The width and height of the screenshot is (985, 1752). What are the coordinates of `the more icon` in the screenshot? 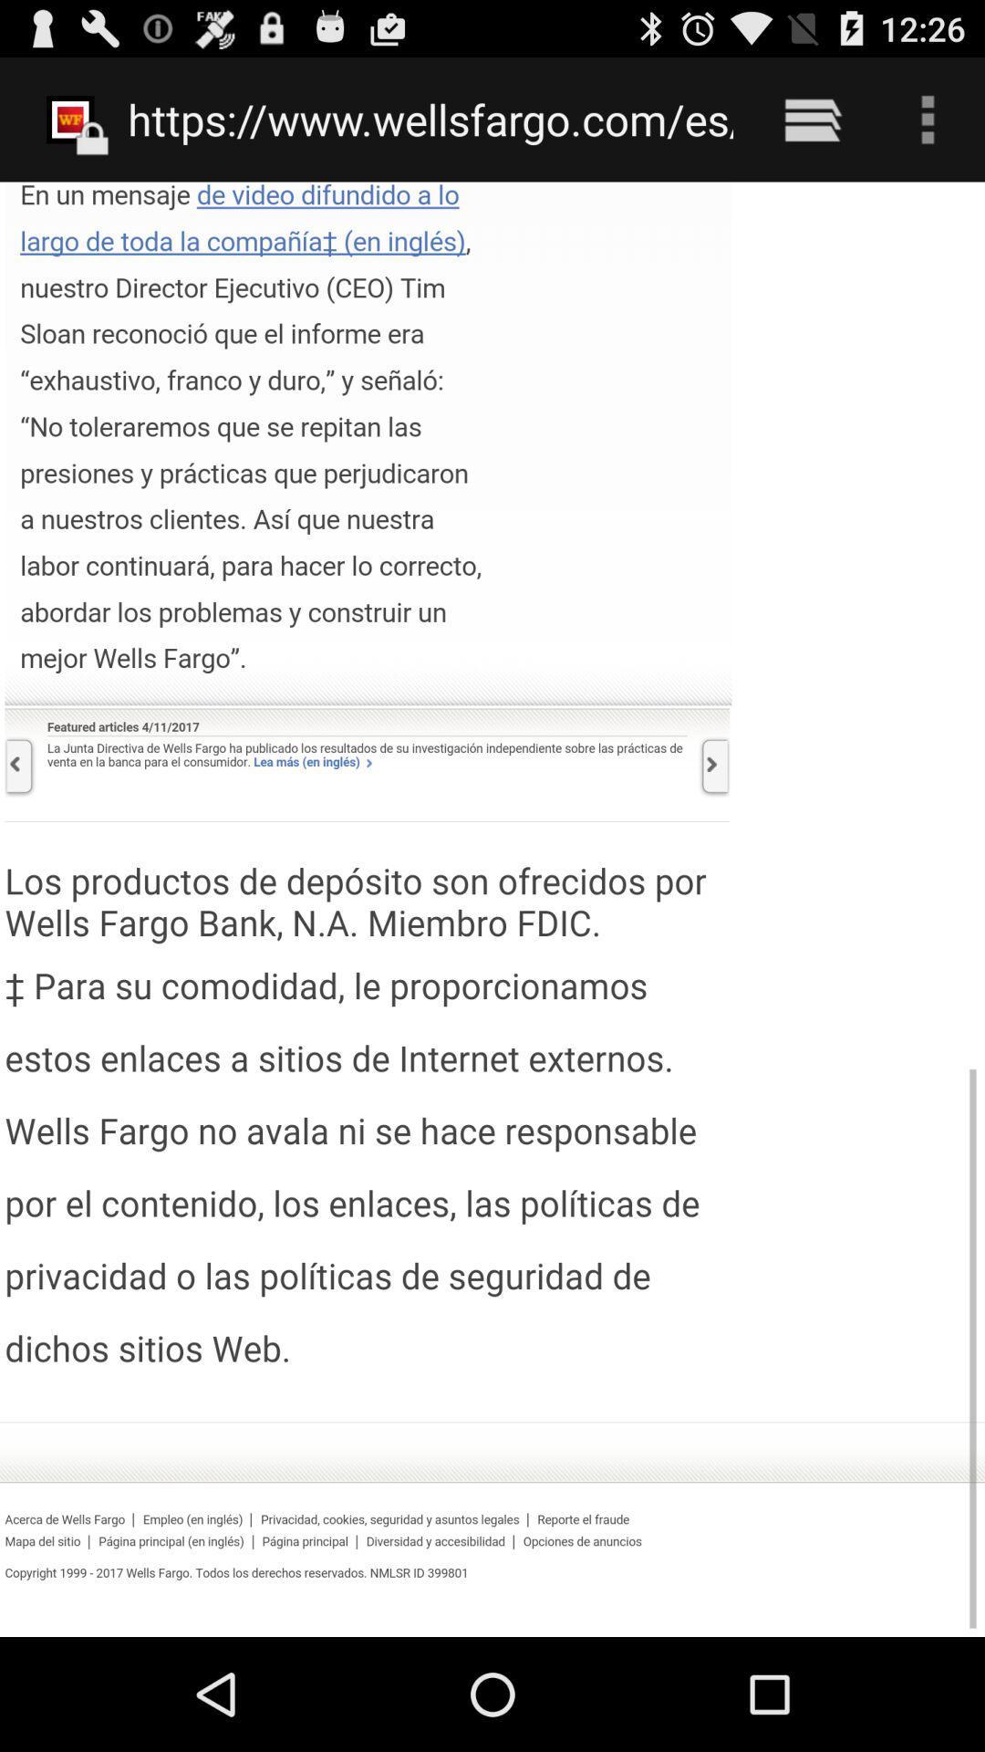 It's located at (928, 127).